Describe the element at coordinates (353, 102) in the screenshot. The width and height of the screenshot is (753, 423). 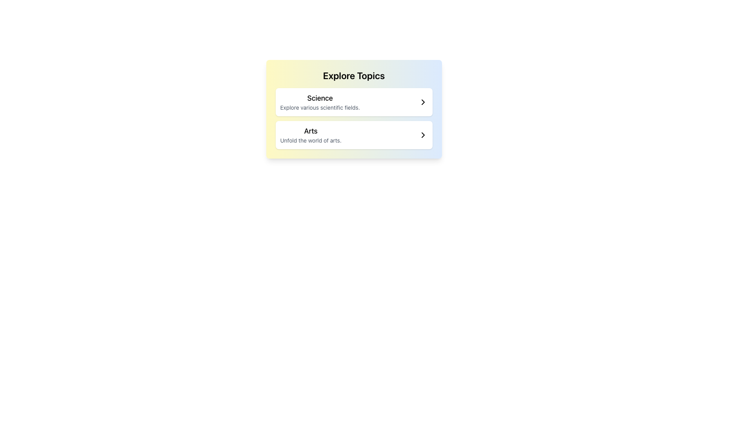
I see `the 'Science' clickable card using keyboard navigation` at that location.